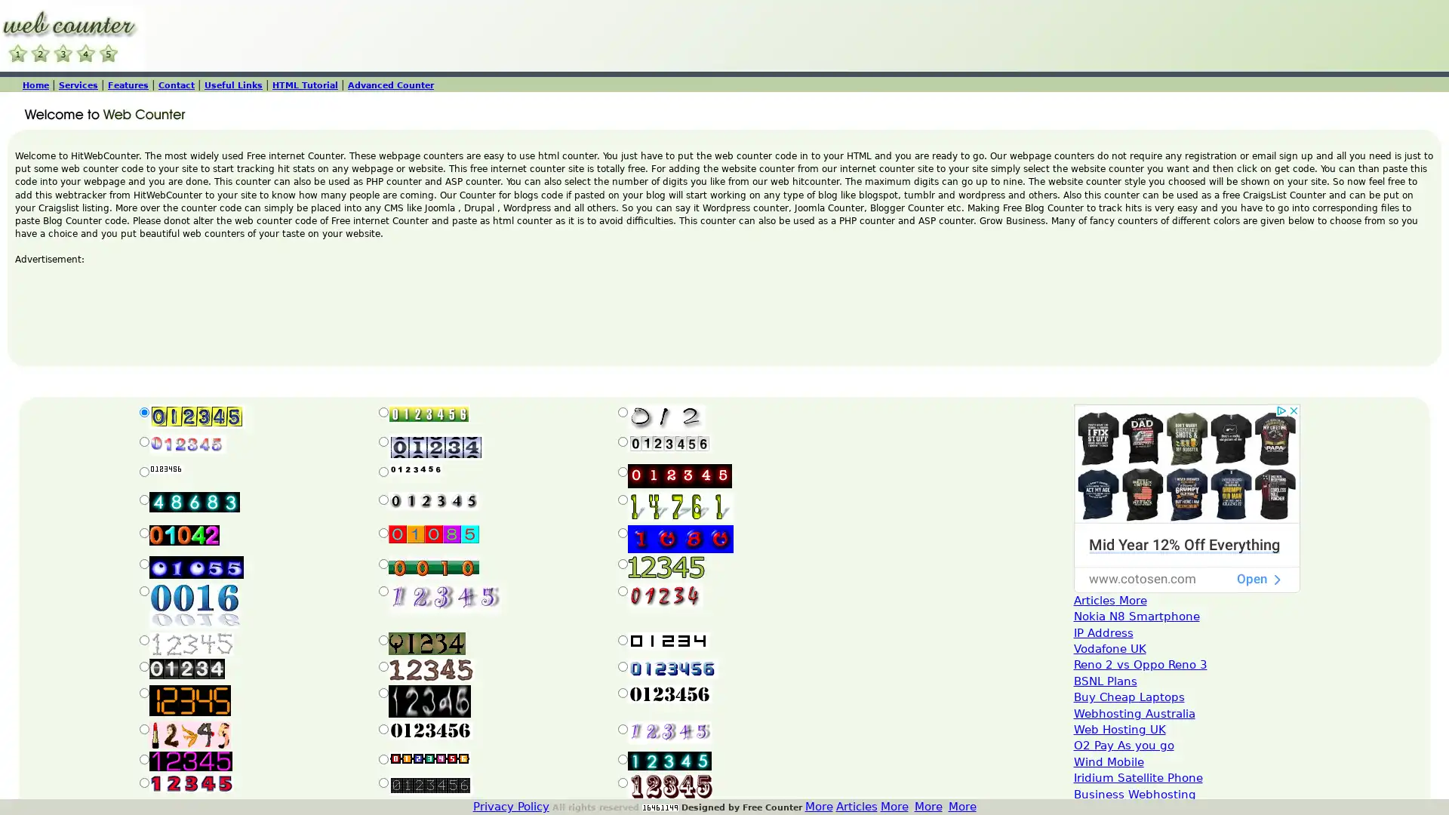 This screenshot has width=1449, height=815. I want to click on Submit, so click(444, 596).